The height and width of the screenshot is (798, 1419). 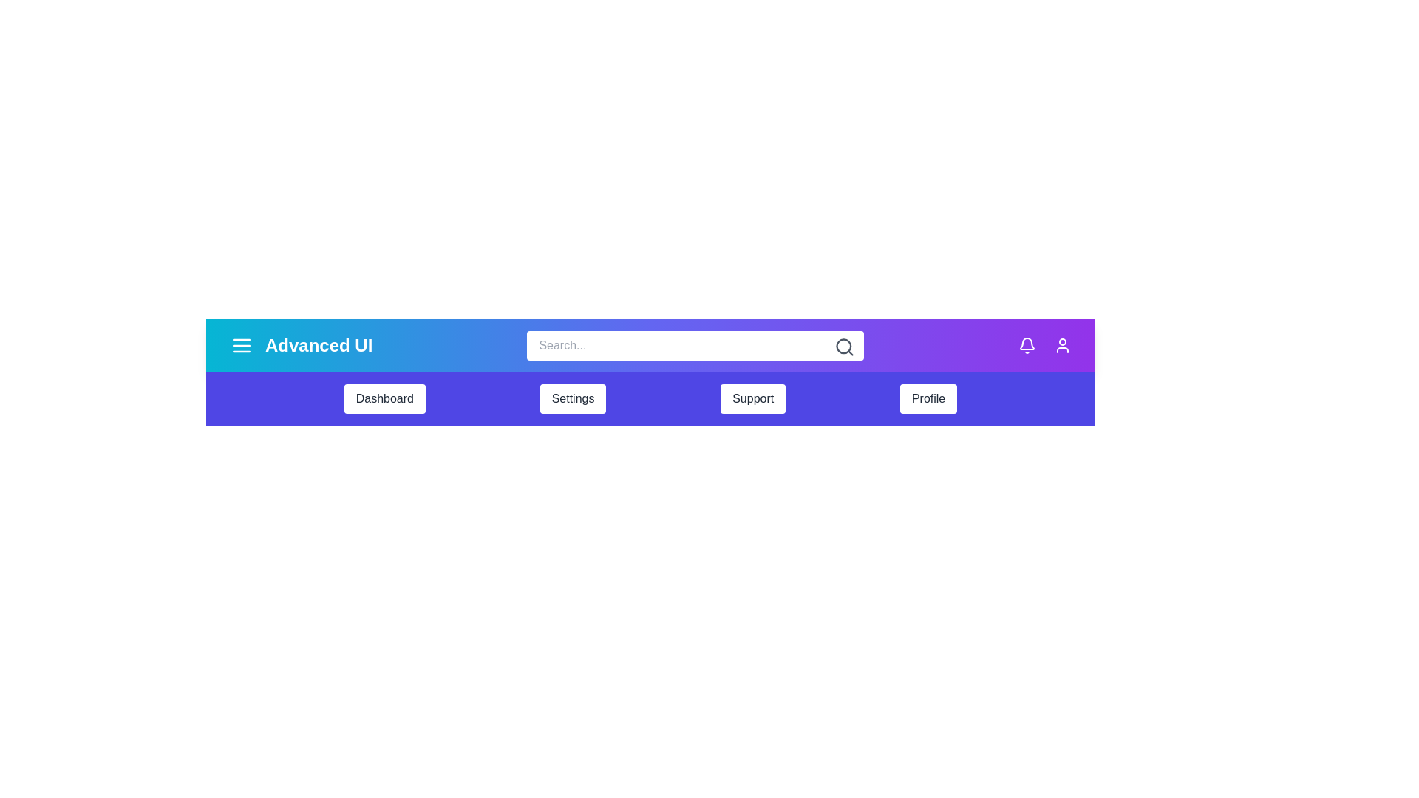 I want to click on the navigation item Support, so click(x=753, y=399).